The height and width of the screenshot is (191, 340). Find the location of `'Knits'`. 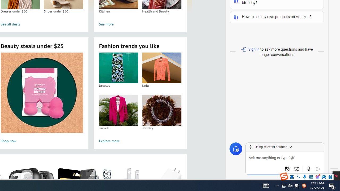

'Knits' is located at coordinates (161, 68).